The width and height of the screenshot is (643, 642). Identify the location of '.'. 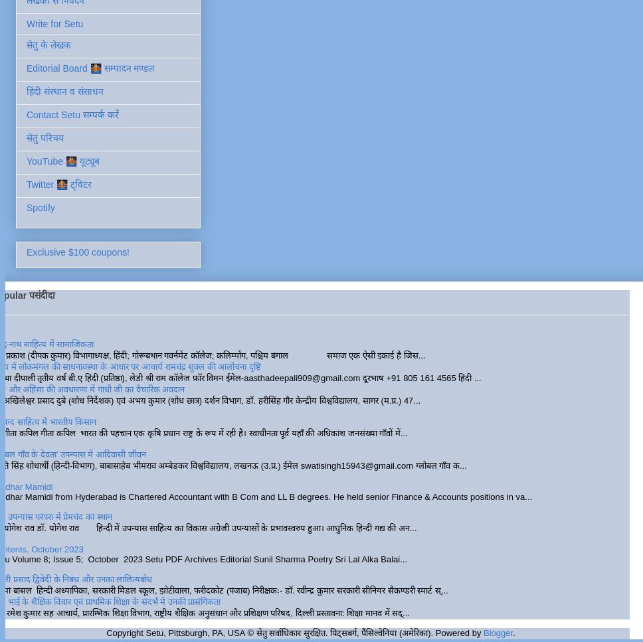
(511, 631).